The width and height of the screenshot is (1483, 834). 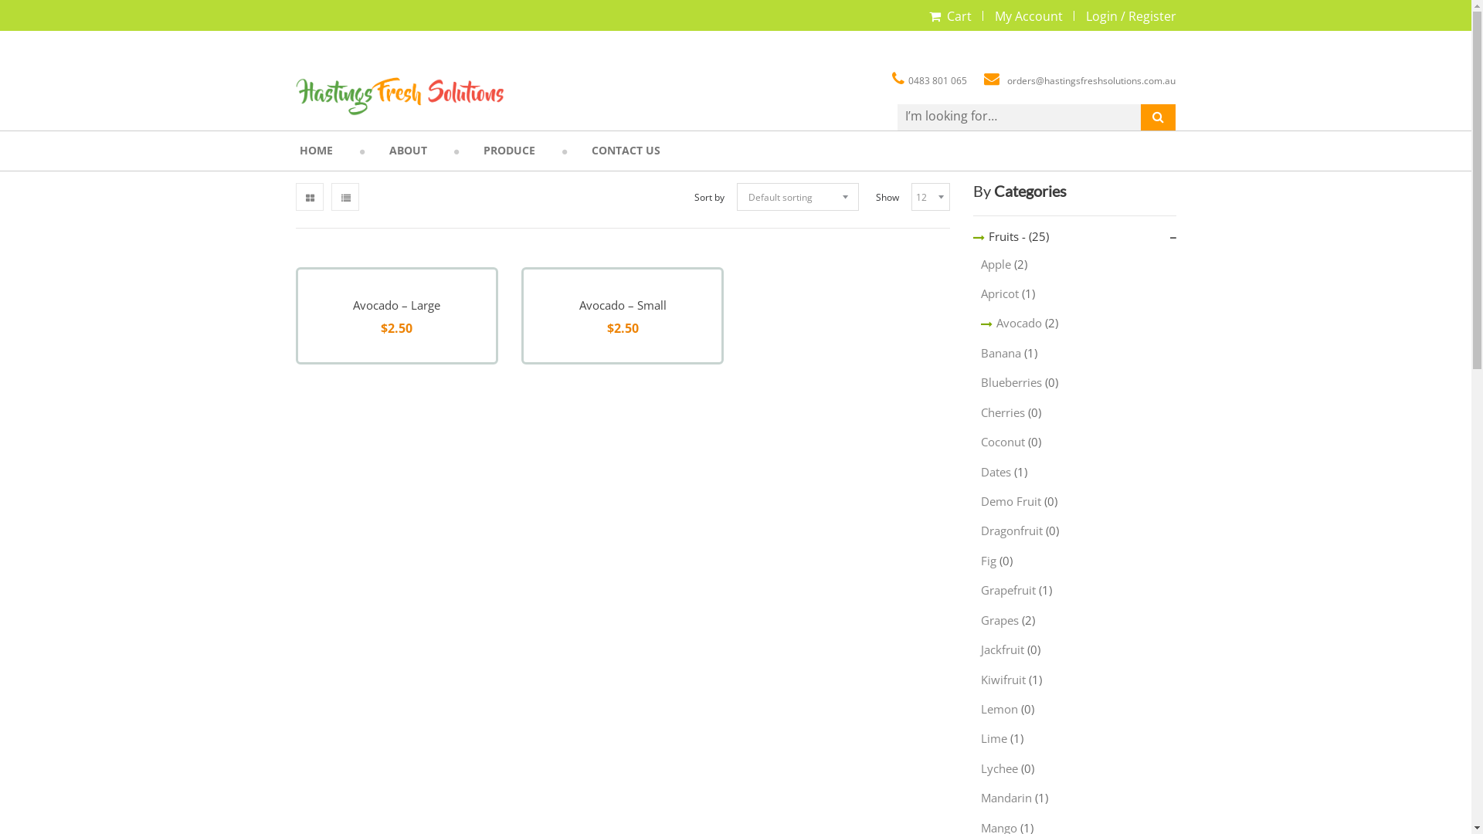 I want to click on 'Search for:', so click(x=1037, y=116).